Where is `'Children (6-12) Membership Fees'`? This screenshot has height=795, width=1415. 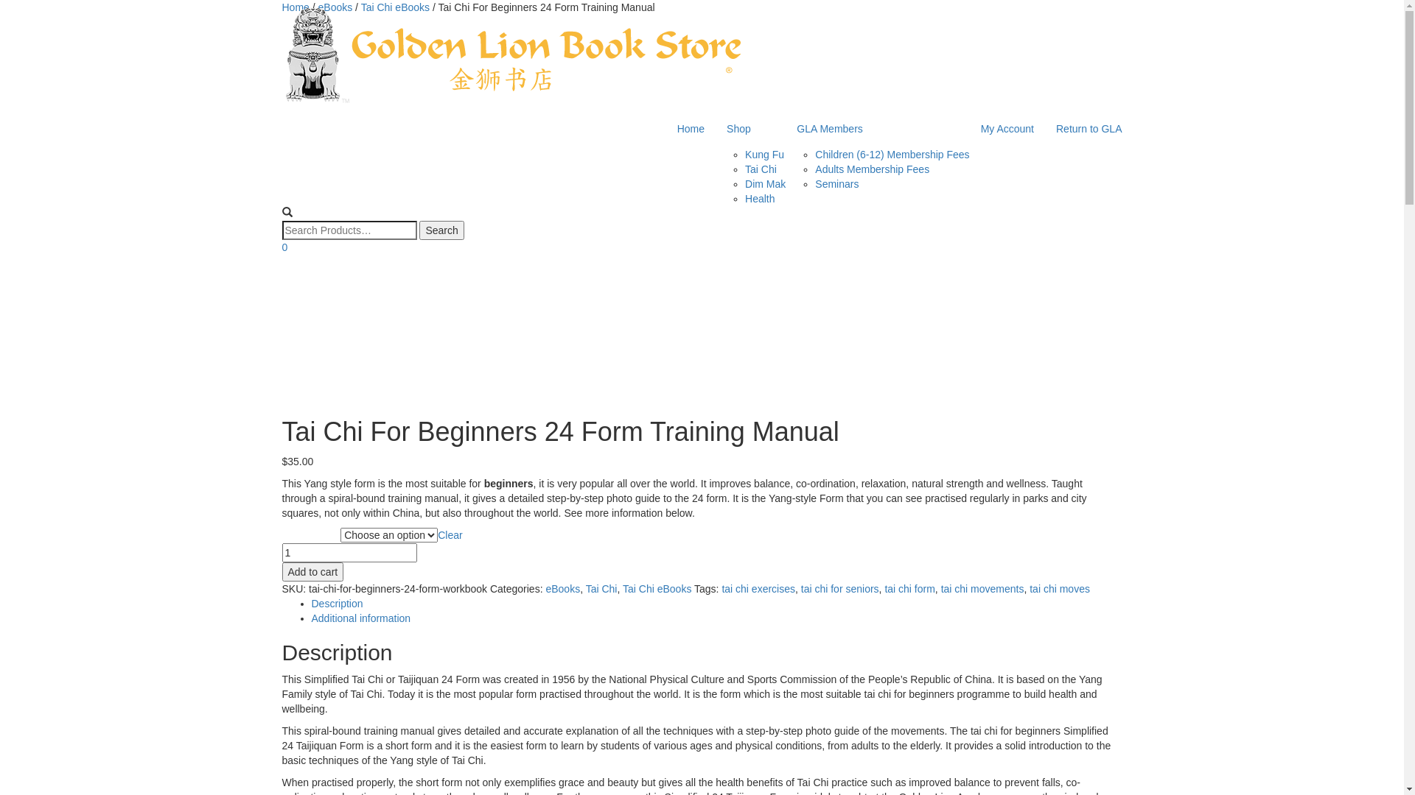 'Children (6-12) Membership Fees' is located at coordinates (891, 154).